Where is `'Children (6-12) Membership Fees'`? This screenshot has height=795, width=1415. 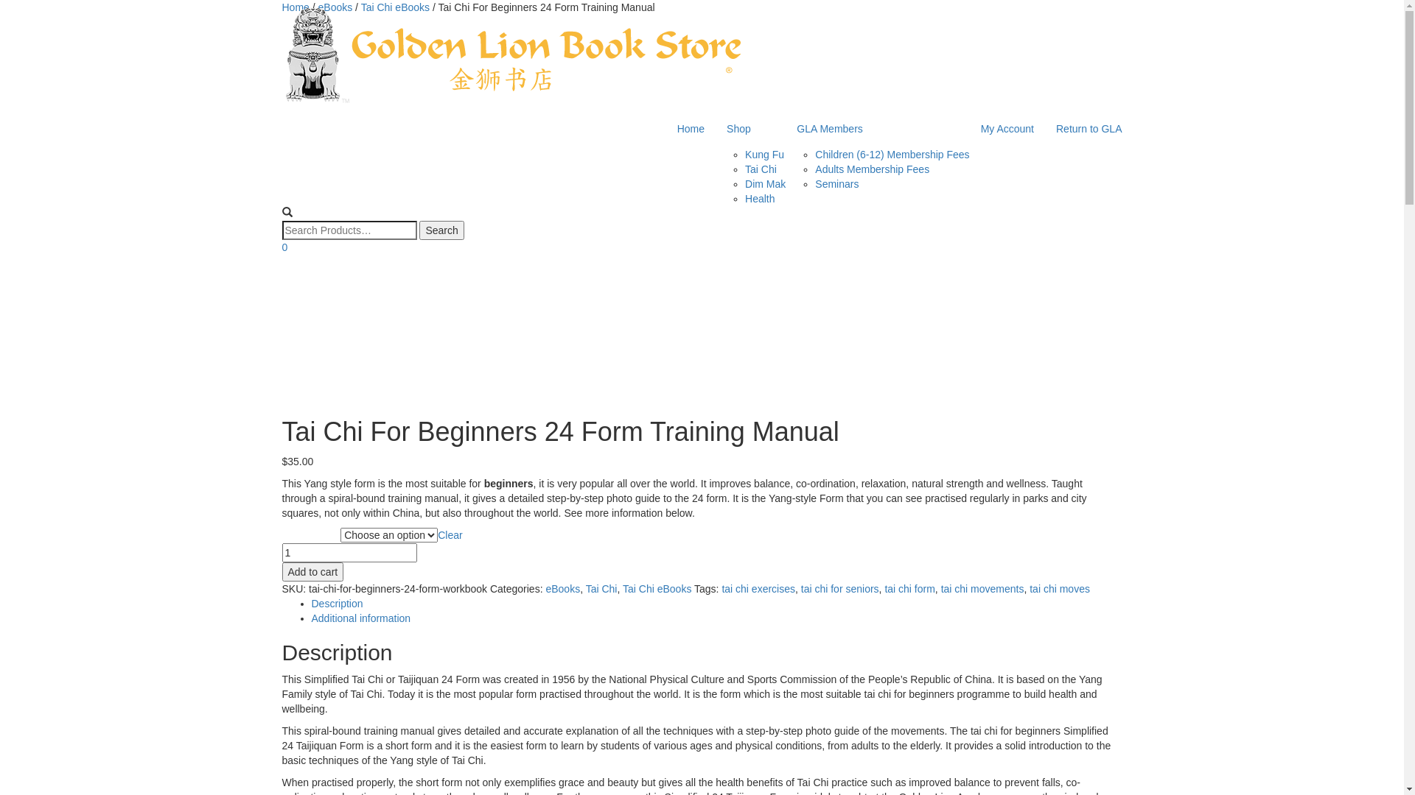 'Children (6-12) Membership Fees' is located at coordinates (891, 154).